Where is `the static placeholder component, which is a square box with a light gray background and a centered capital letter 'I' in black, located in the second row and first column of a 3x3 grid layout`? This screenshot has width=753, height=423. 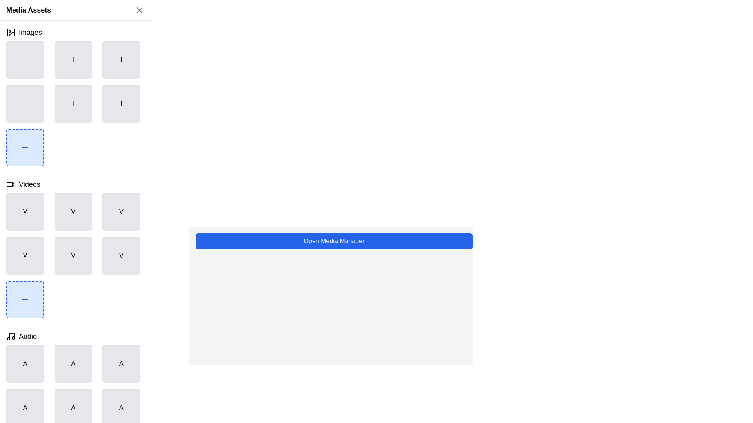
the static placeholder component, which is a square box with a light gray background and a centered capital letter 'I' in black, located in the second row and first column of a 3x3 grid layout is located at coordinates (25, 103).